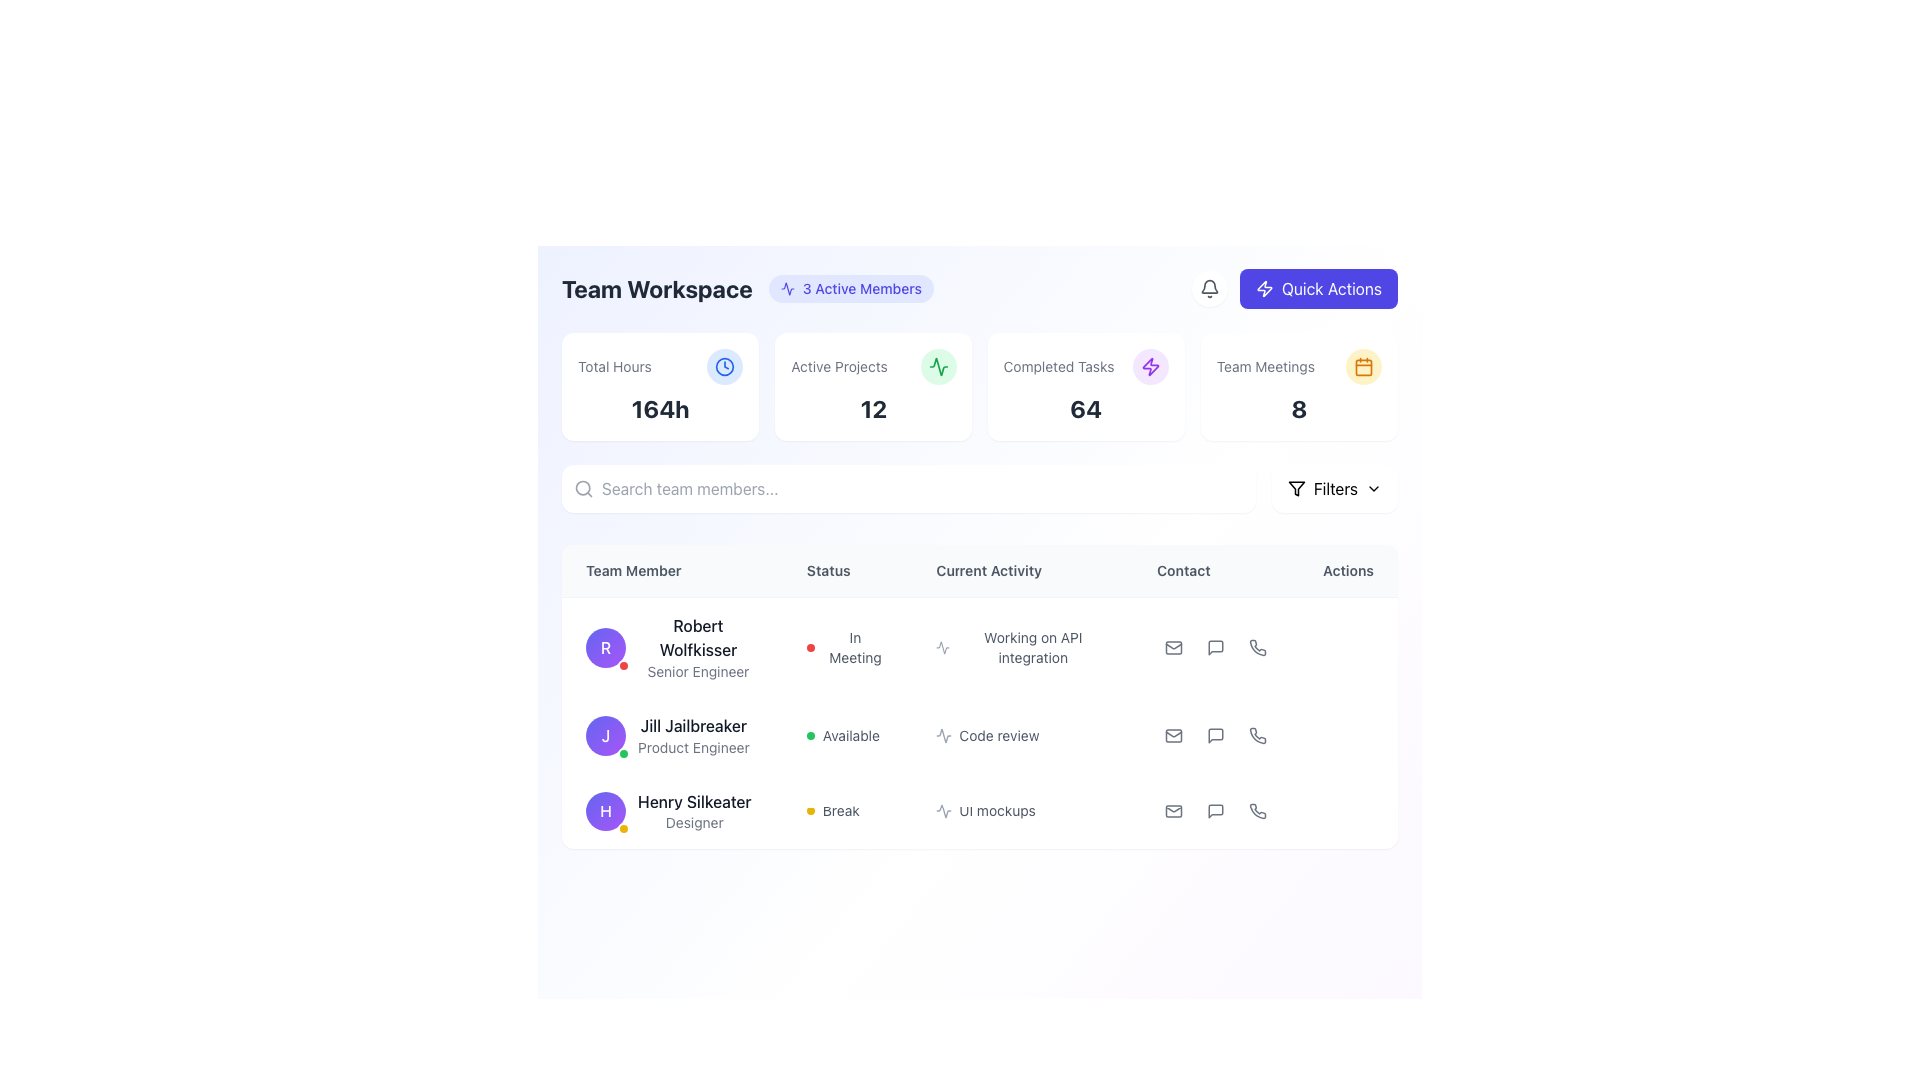  I want to click on the Text Label that displays the name and role of a team member, located beneath the avatar icon on the left side of the third row in the 'Team Member' column, so click(694, 811).